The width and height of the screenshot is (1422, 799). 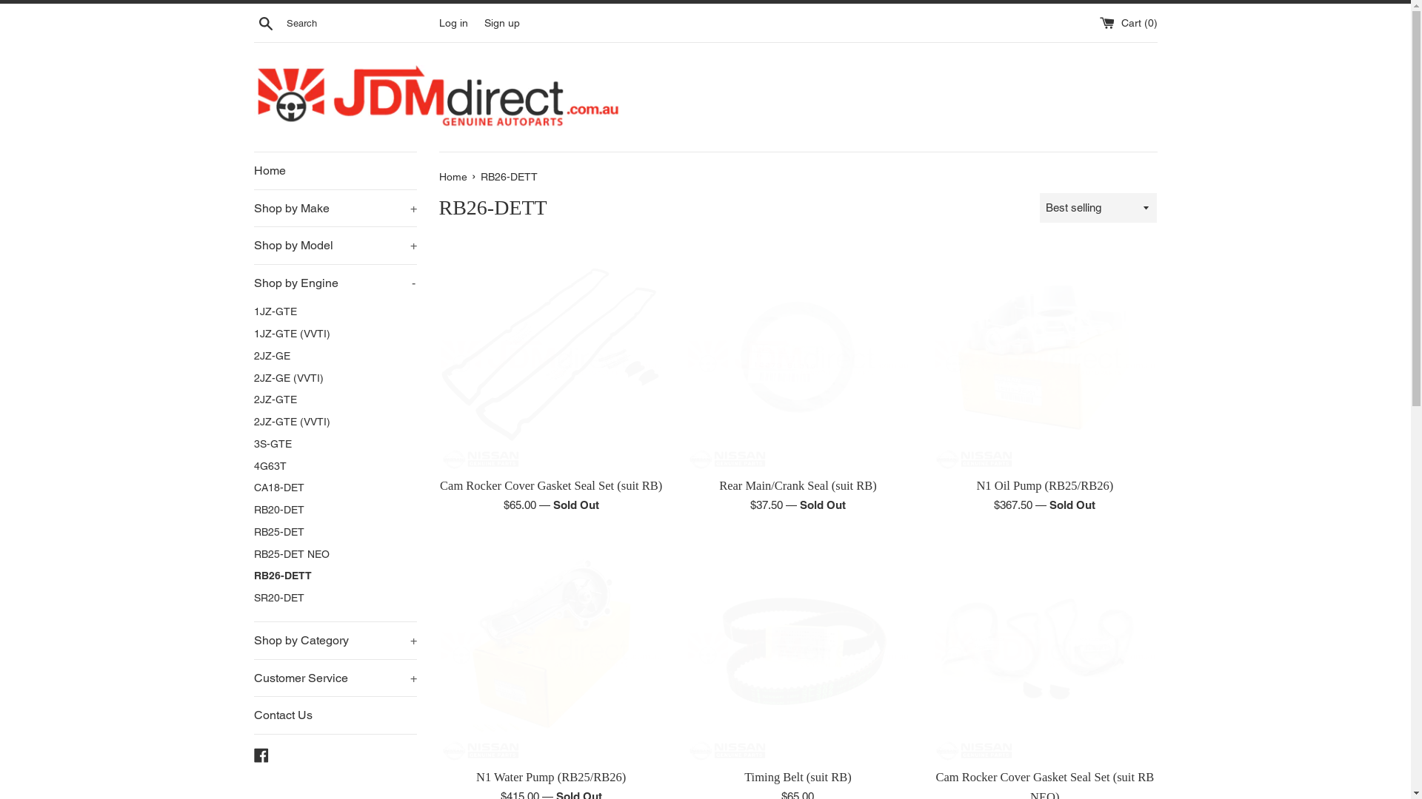 I want to click on 'Home', so click(x=453, y=176).